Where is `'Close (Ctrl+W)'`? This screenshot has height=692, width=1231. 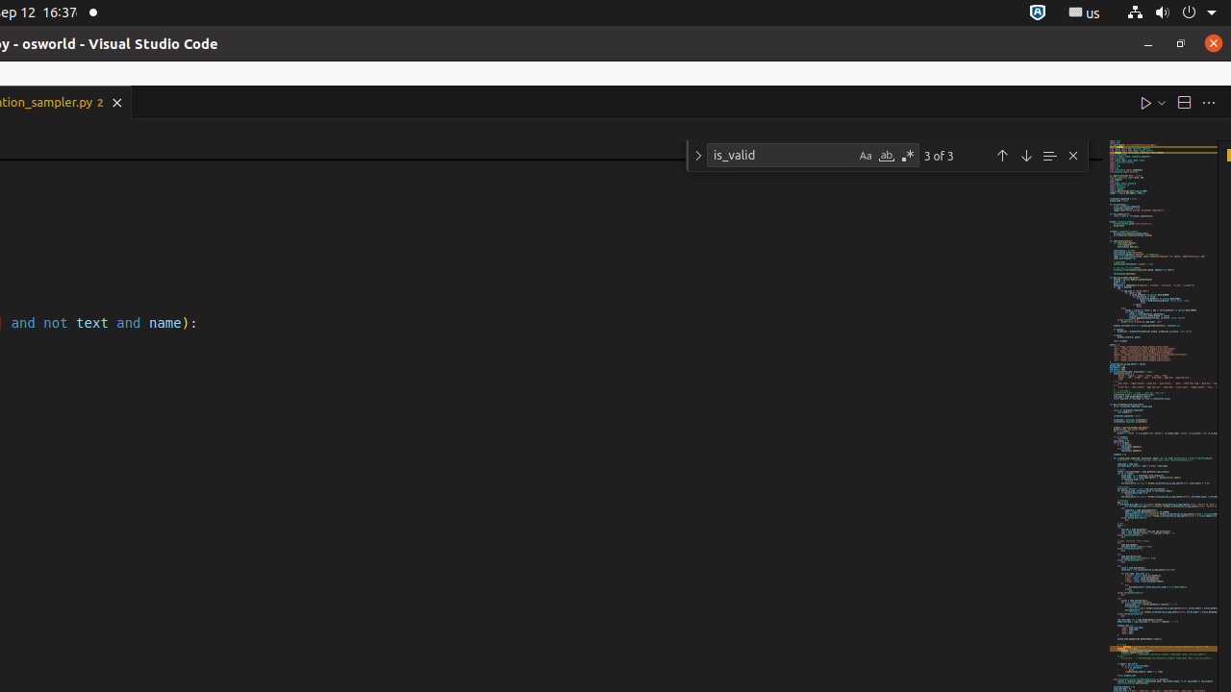
'Close (Ctrl+W)' is located at coordinates (115, 102).